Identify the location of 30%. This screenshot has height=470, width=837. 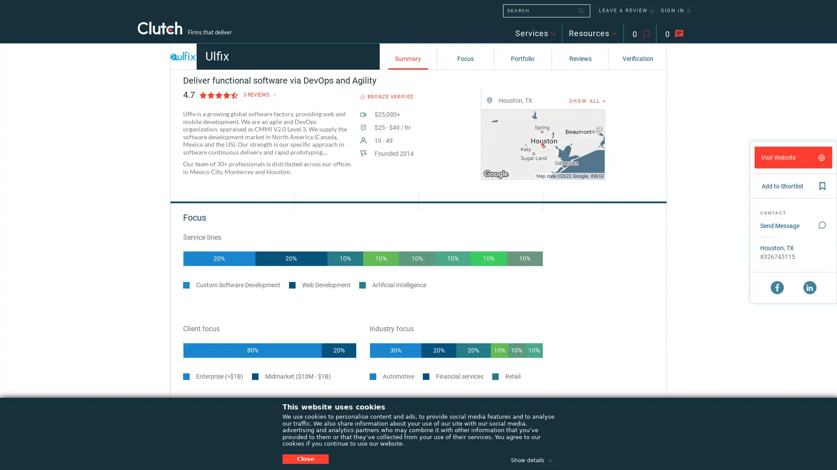
(260, 437).